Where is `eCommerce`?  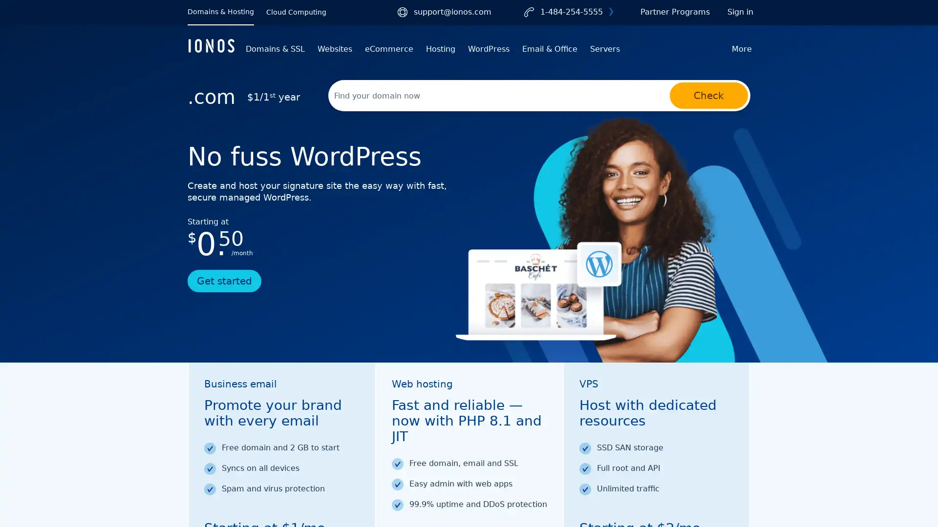
eCommerce is located at coordinates (382, 49).